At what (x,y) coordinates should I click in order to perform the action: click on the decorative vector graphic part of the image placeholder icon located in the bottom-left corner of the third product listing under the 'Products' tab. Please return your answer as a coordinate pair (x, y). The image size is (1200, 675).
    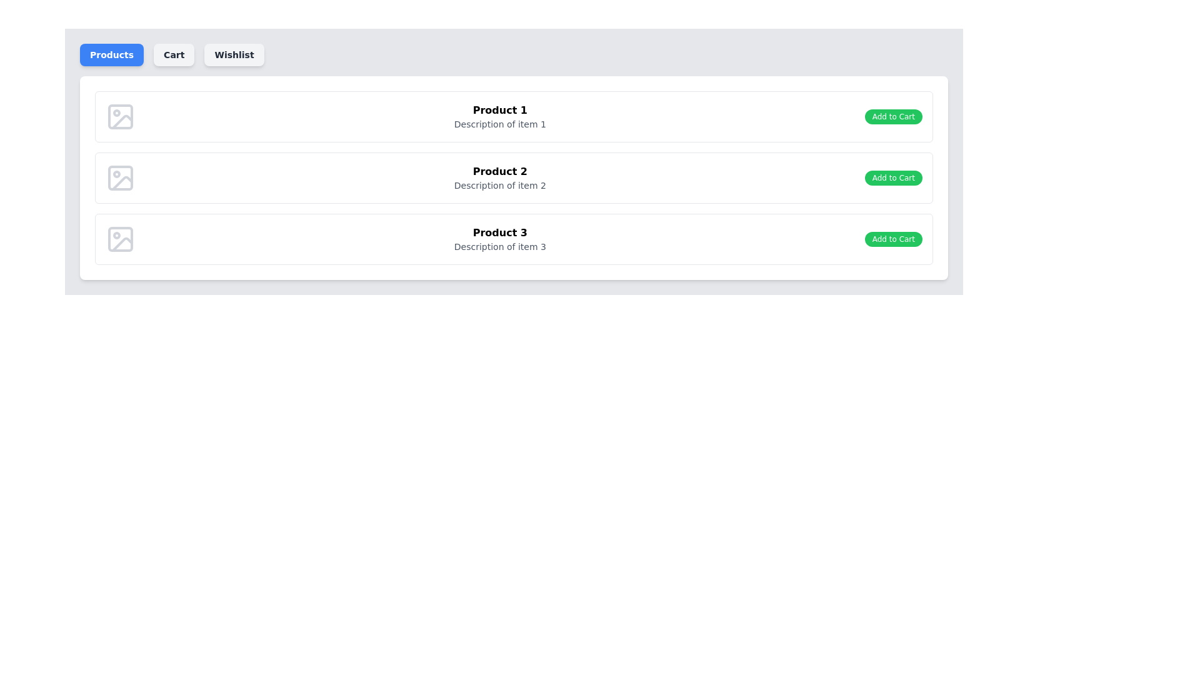
    Looking at the image, I should click on (122, 244).